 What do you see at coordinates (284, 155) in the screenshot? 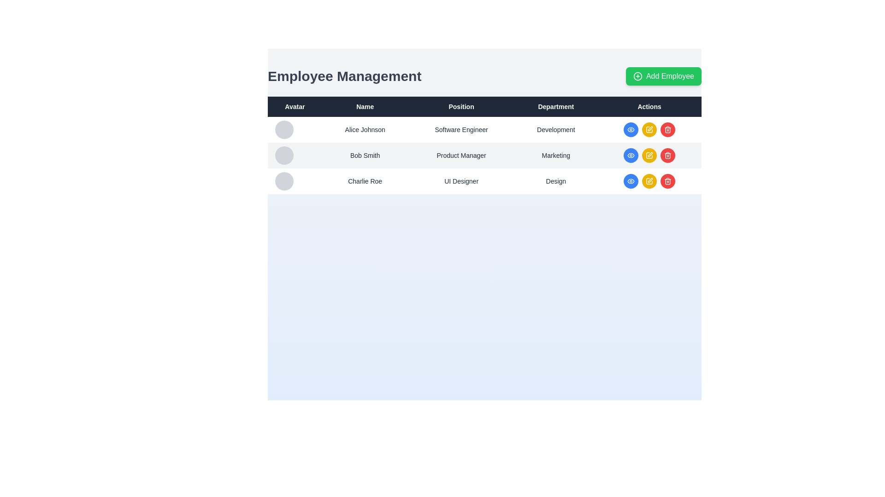
I see `the circular avatar placeholder for 'Bob Smith' in the 'Employee Management' list` at bounding box center [284, 155].